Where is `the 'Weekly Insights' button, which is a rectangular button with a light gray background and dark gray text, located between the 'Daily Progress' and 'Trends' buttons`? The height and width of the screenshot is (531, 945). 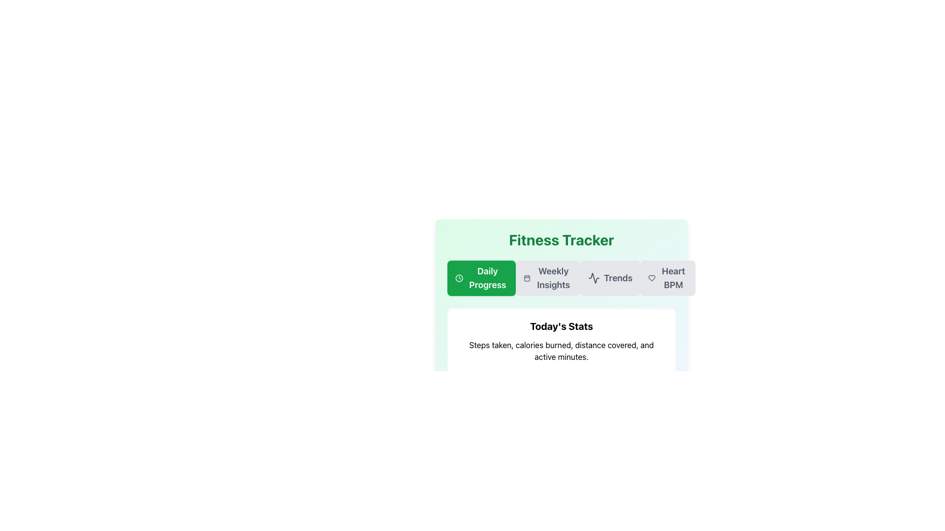
the 'Weekly Insights' button, which is a rectangular button with a light gray background and dark gray text, located between the 'Daily Progress' and 'Trends' buttons is located at coordinates (547, 278).